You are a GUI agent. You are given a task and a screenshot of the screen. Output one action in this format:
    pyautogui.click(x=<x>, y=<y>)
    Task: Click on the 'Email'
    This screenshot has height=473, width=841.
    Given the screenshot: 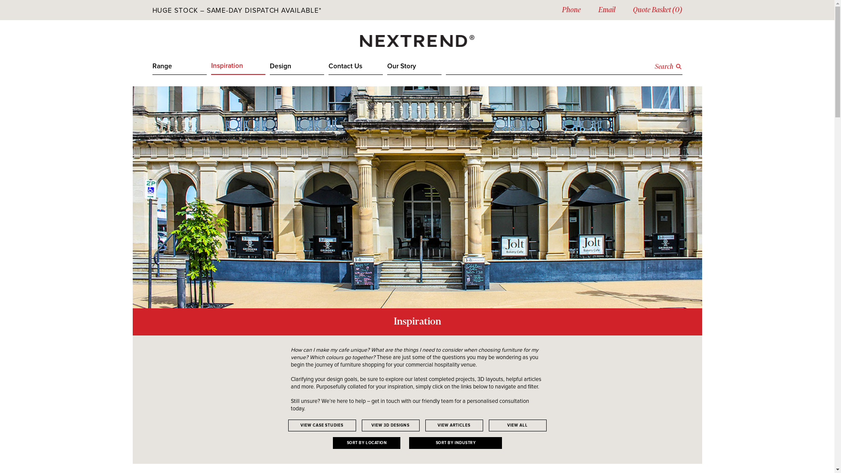 What is the action you would take?
    pyautogui.click(x=606, y=10)
    